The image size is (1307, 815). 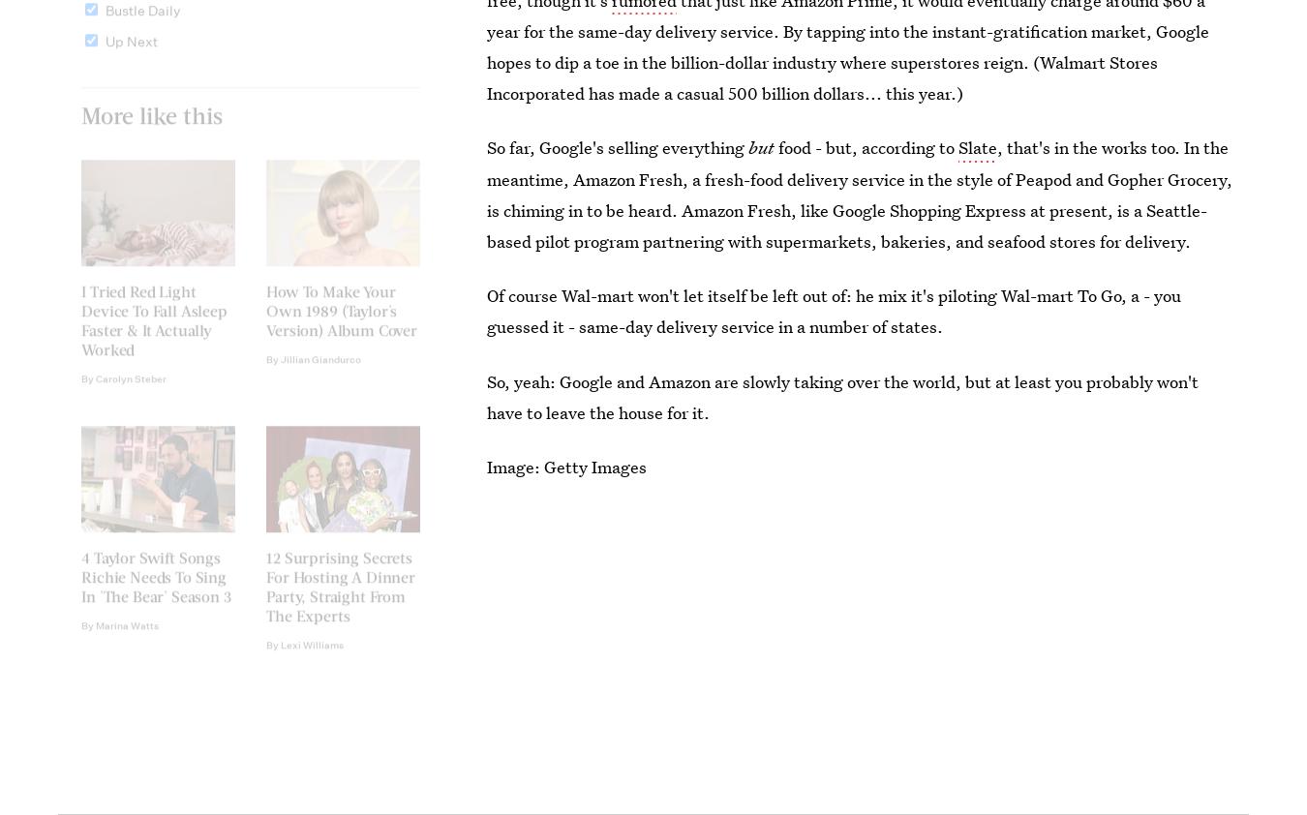 What do you see at coordinates (79, 128) in the screenshot?
I see `'More like this'` at bounding box center [79, 128].